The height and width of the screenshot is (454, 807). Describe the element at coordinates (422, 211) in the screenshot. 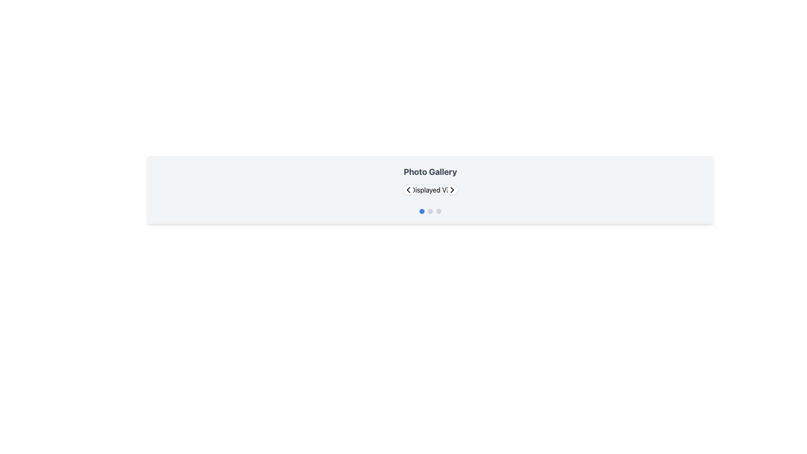

I see `the leftmost blue circular button in the row below the 'Photo Gallery' header` at that location.